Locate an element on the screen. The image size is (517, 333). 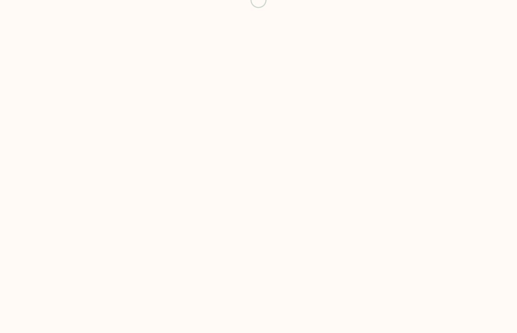
'(At the Dulles Landing Shopping Center at the corner of Rte 50 and Loudoun County Pkwy. We are located directly across the parking lot from DSW.)' is located at coordinates (76, 52).